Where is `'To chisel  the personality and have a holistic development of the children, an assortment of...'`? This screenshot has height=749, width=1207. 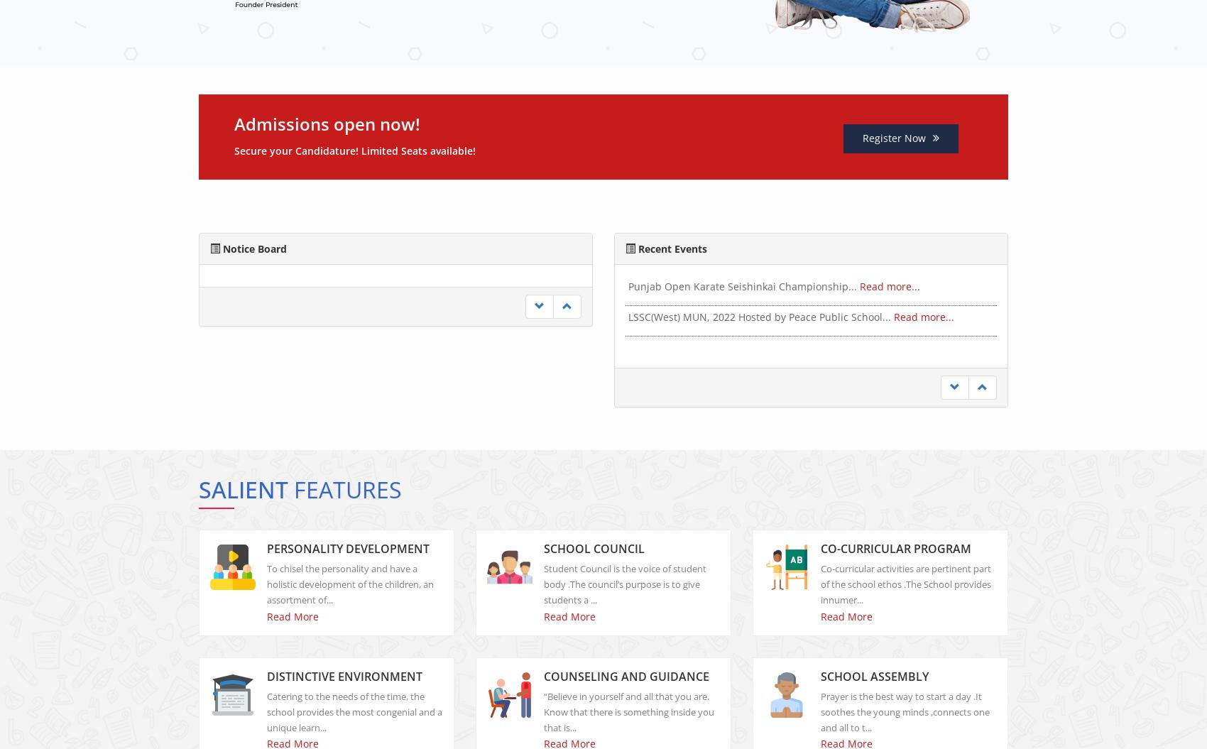
'To chisel  the personality and have a holistic development of the children, an assortment of...' is located at coordinates (350, 596).